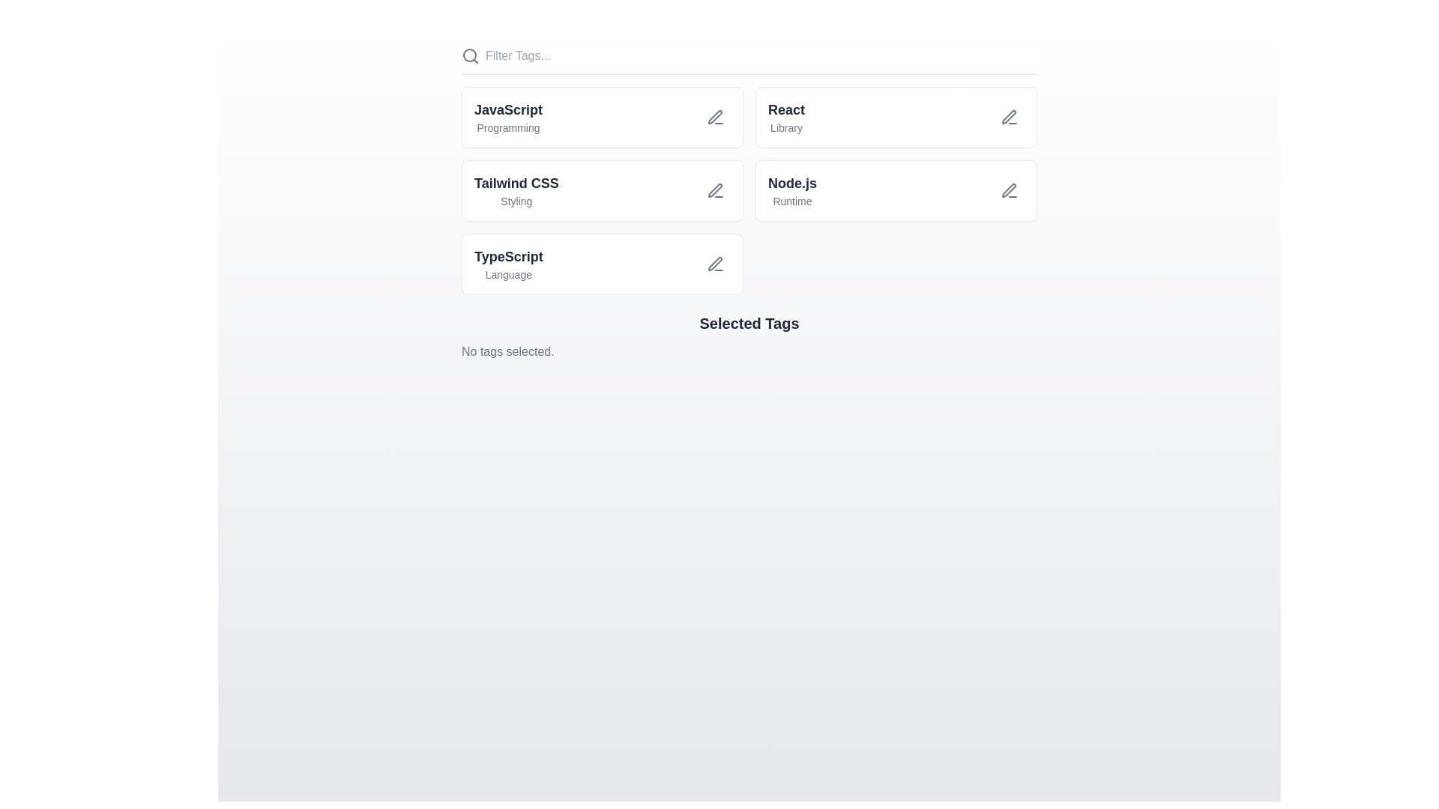 The width and height of the screenshot is (1439, 809). What do you see at coordinates (785, 117) in the screenshot?
I see `the label or text display field that categorizes the content, located in the top-right section of the interface, to the left of the interactive edit icon` at bounding box center [785, 117].